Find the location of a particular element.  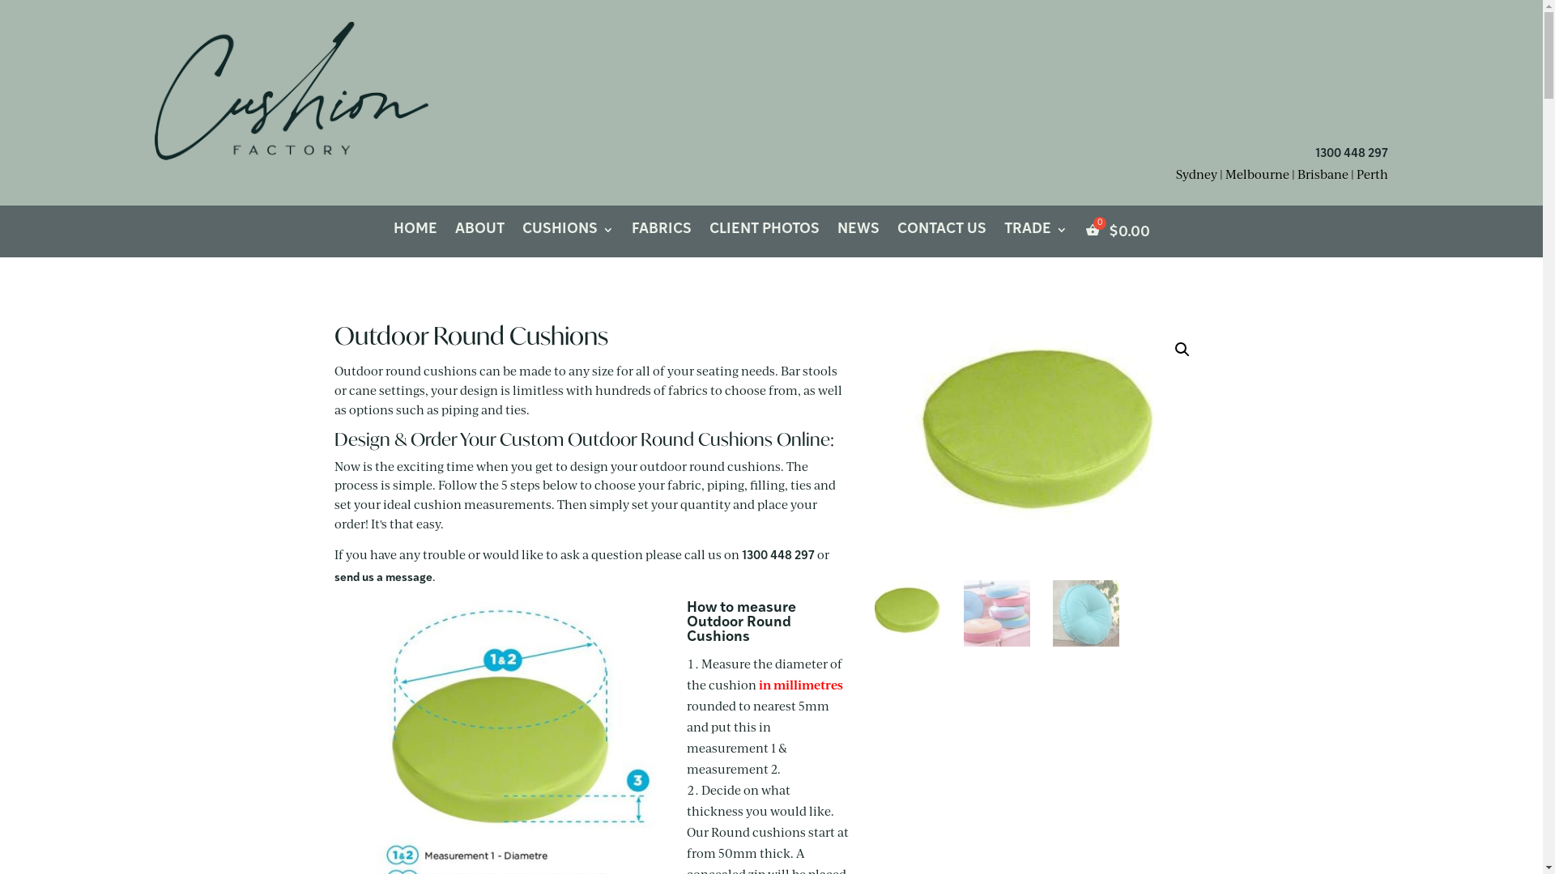

'NEWS' is located at coordinates (858, 234).